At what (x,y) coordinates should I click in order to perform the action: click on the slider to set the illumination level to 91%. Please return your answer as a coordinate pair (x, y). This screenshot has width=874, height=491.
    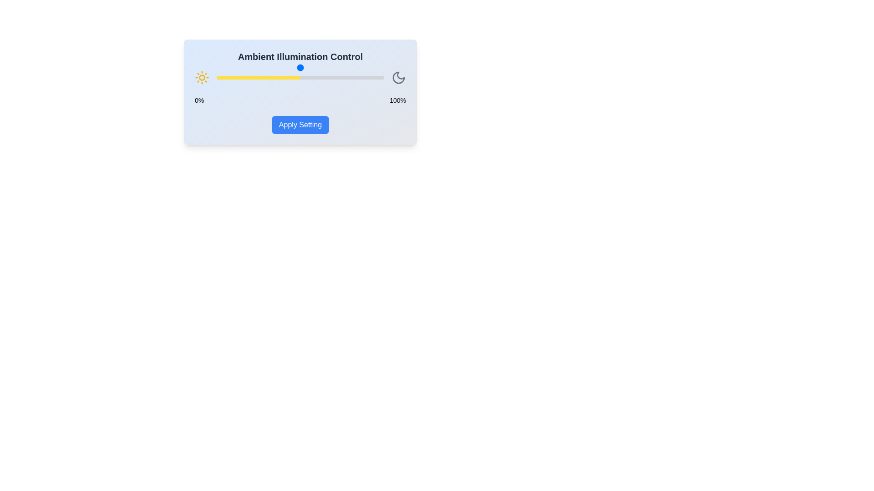
    Looking at the image, I should click on (369, 77).